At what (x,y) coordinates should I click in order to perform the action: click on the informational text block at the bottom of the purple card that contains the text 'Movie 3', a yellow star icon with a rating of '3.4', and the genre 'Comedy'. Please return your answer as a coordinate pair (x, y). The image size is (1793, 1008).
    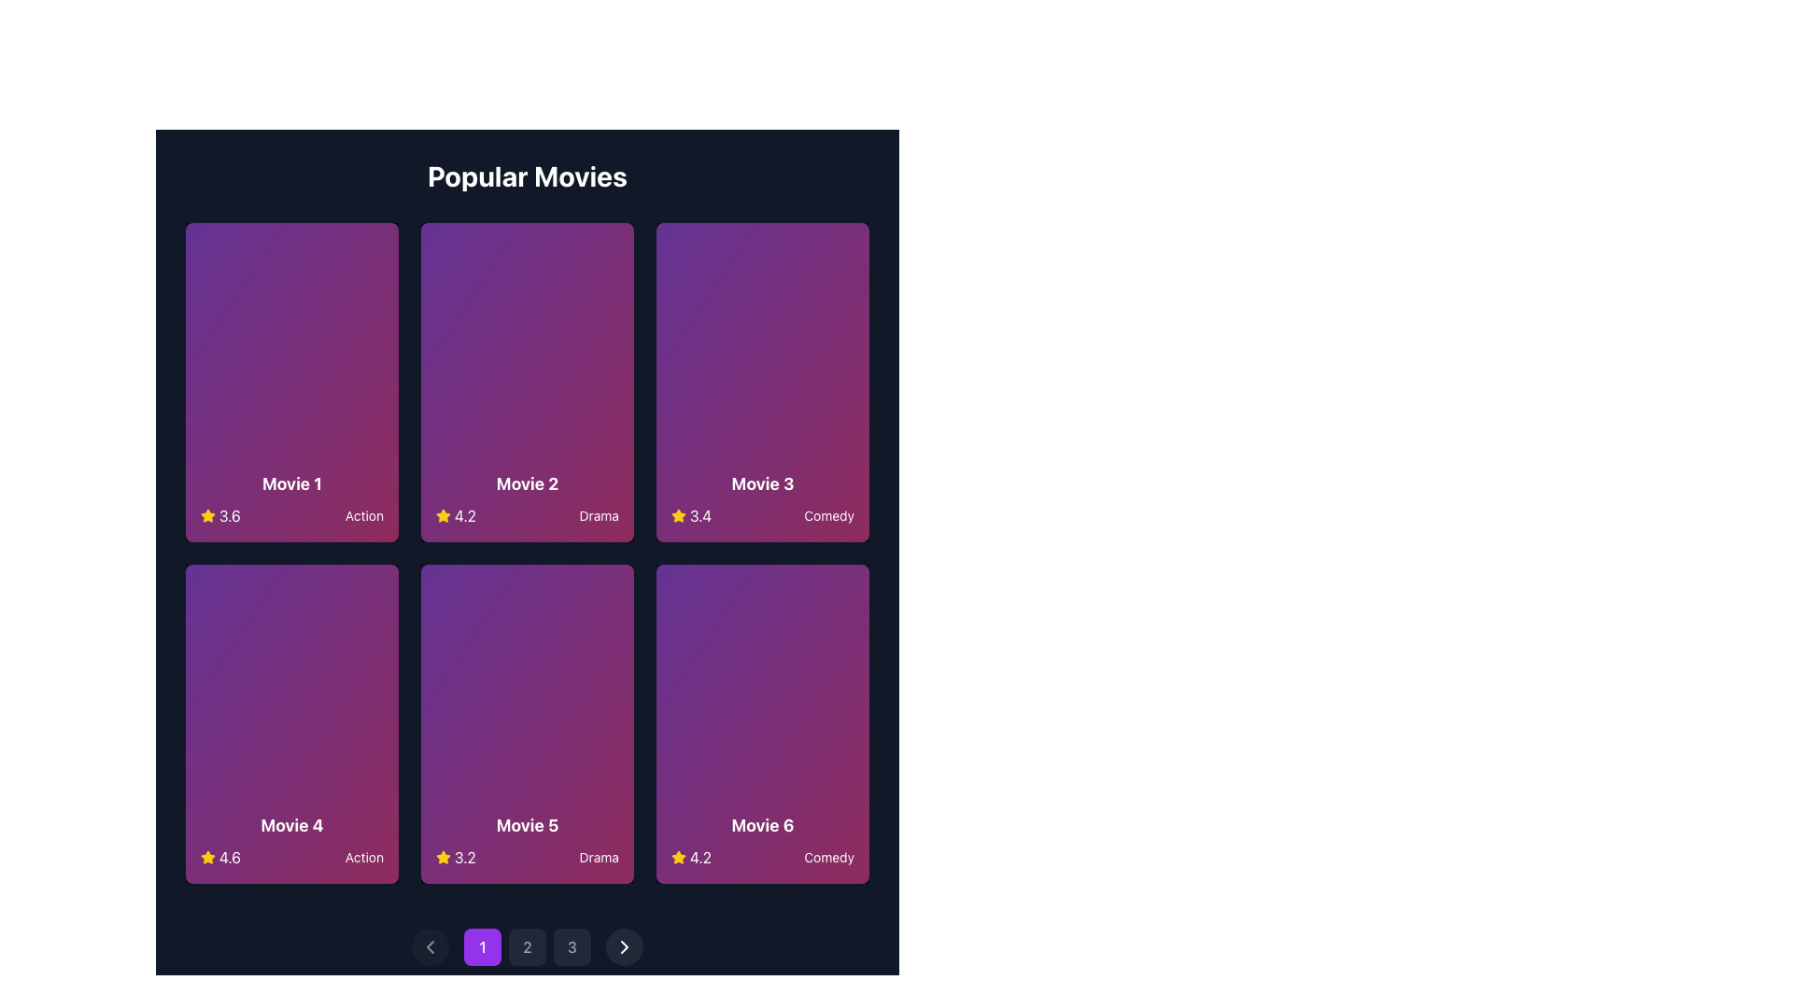
    Looking at the image, I should click on (762, 498).